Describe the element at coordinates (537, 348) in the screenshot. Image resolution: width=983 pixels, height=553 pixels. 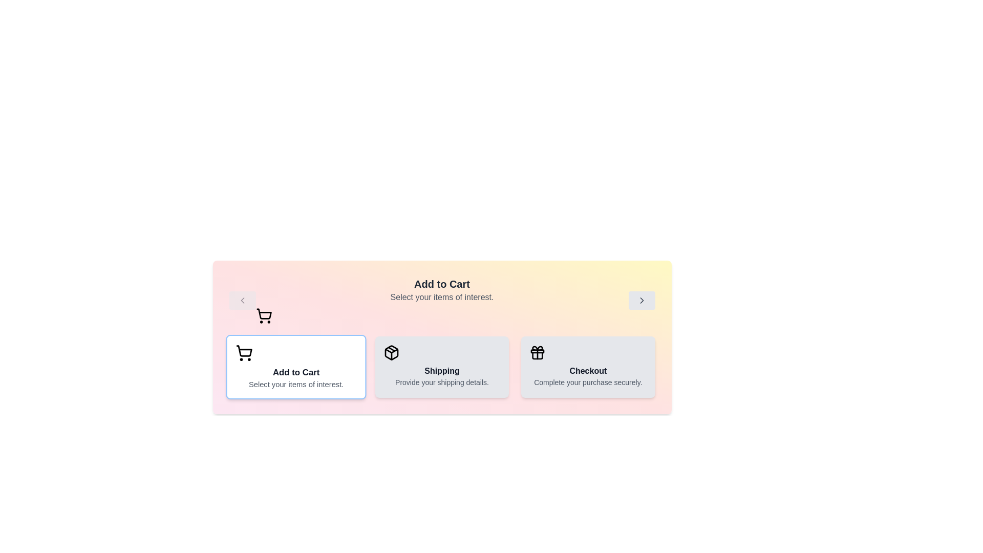
I see `the decorative graphic within the gift icon located in the 'Checkout' card` at that location.